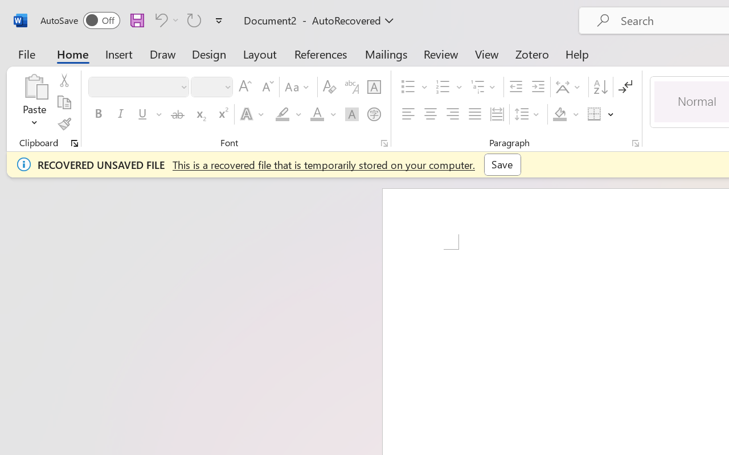 Image resolution: width=729 pixels, height=455 pixels. I want to click on 'Character Shading', so click(351, 114).